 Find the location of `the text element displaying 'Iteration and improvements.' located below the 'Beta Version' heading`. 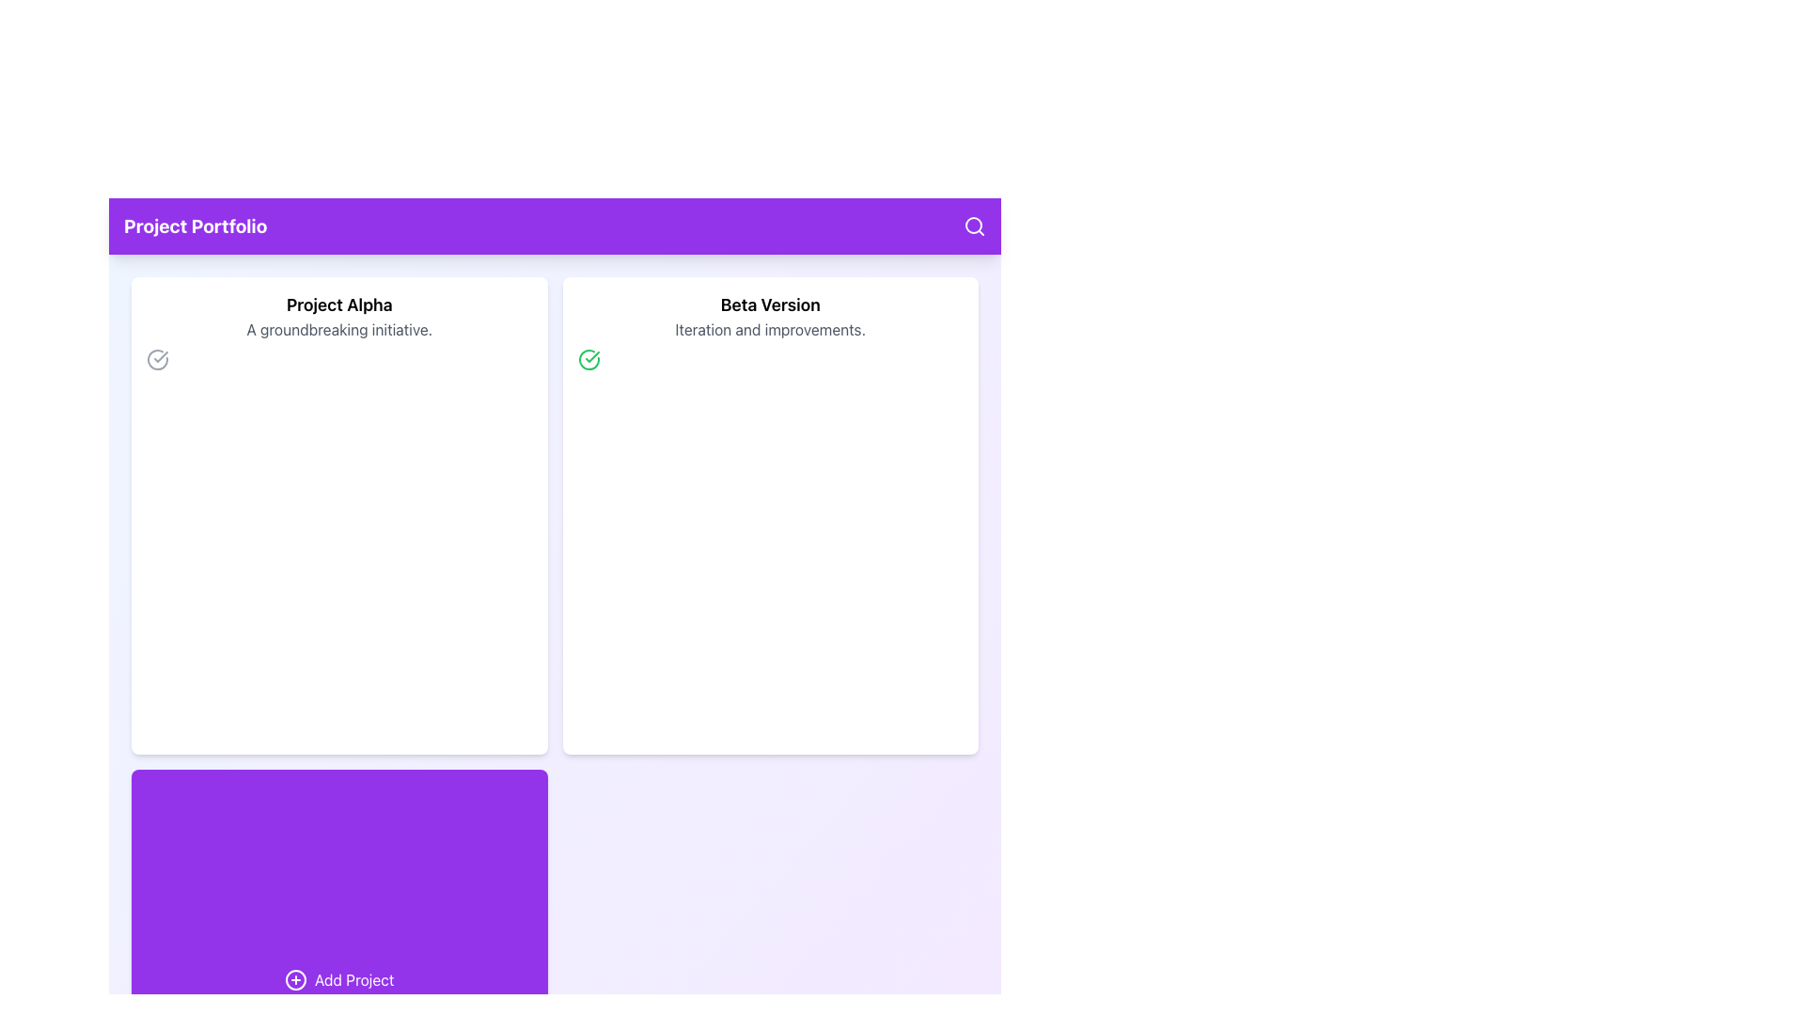

the text element displaying 'Iteration and improvements.' located below the 'Beta Version' heading is located at coordinates (770, 329).